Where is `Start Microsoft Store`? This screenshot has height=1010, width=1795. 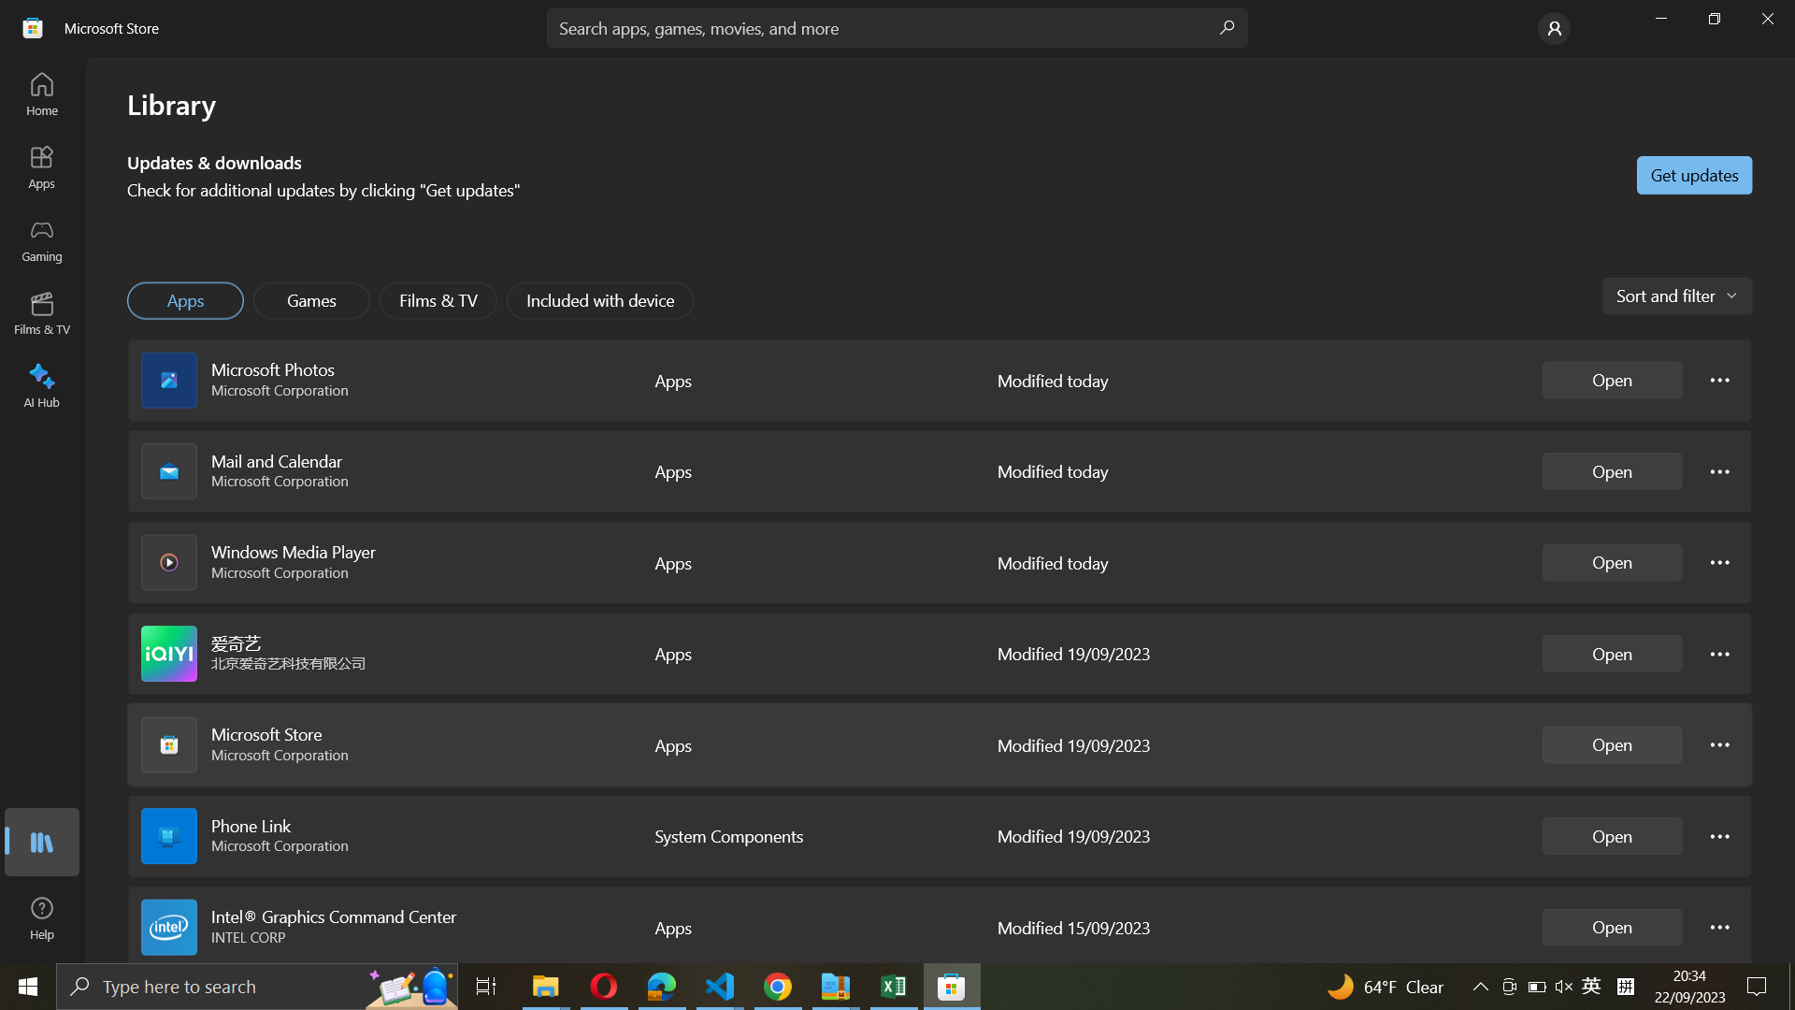 Start Microsoft Store is located at coordinates (1612, 744).